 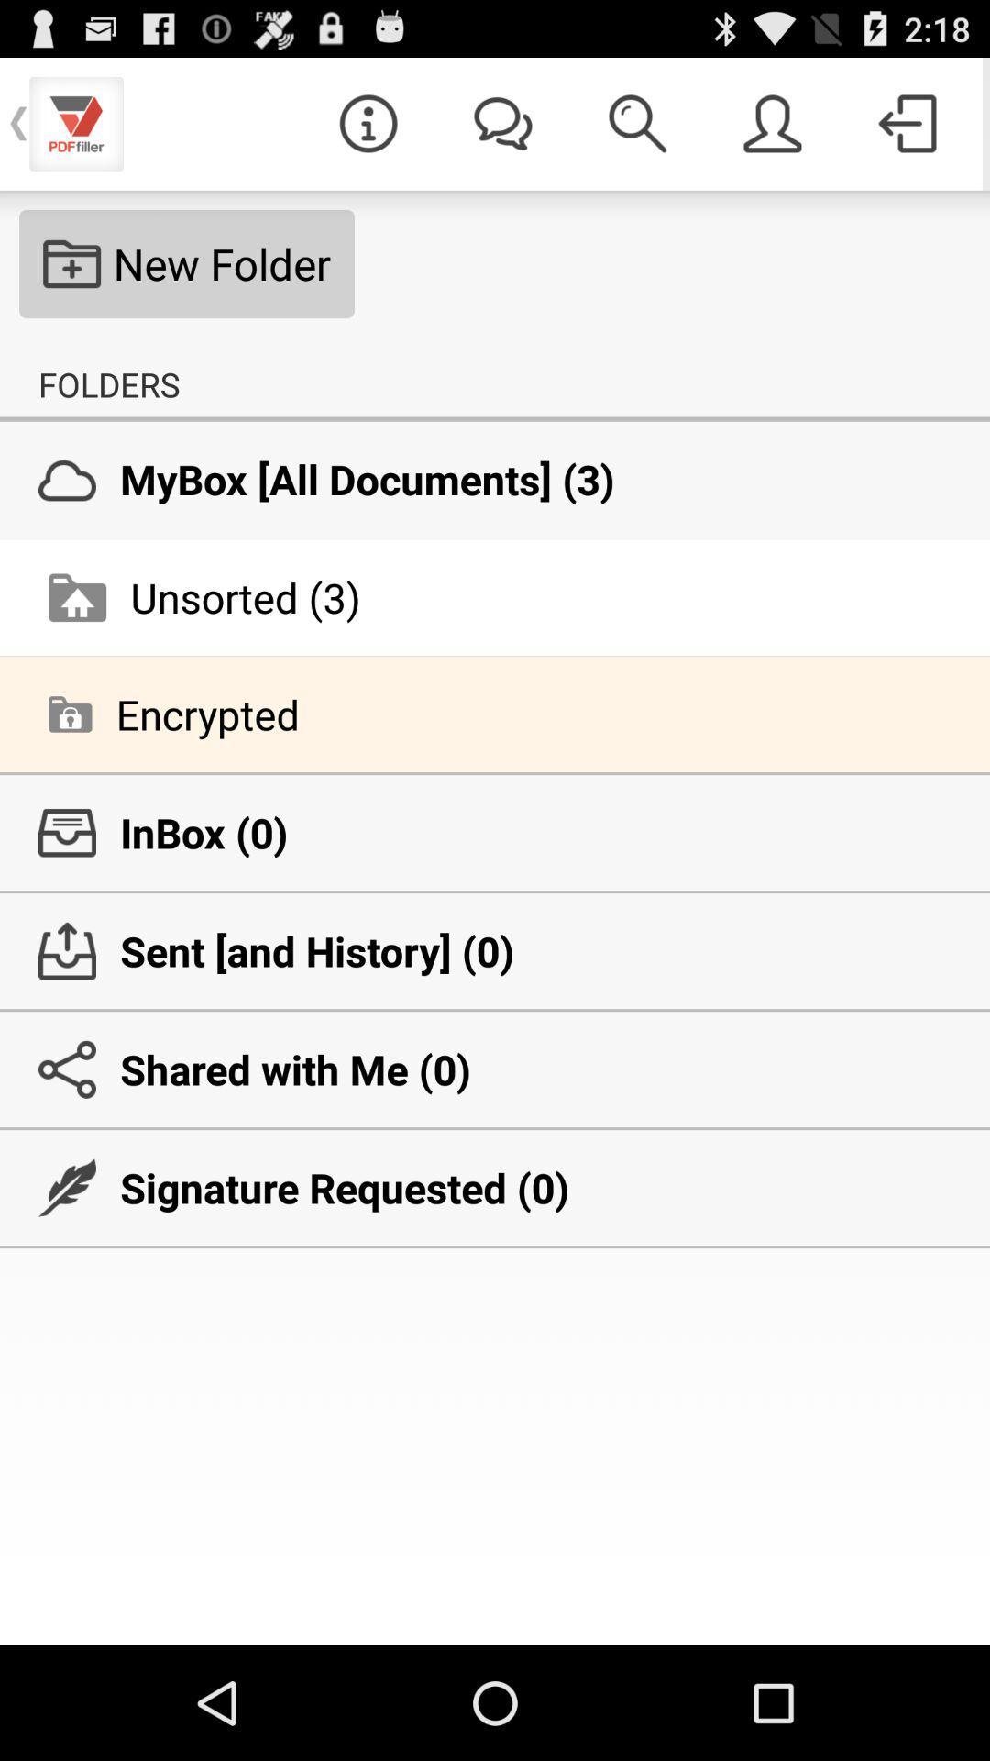 What do you see at coordinates (495, 832) in the screenshot?
I see `the inbox (0) app` at bounding box center [495, 832].